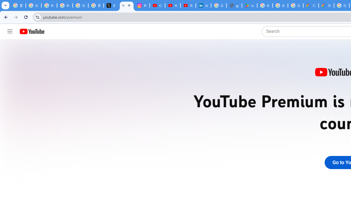  I want to click on 'Sign in - Google Accounts', so click(219, 5).